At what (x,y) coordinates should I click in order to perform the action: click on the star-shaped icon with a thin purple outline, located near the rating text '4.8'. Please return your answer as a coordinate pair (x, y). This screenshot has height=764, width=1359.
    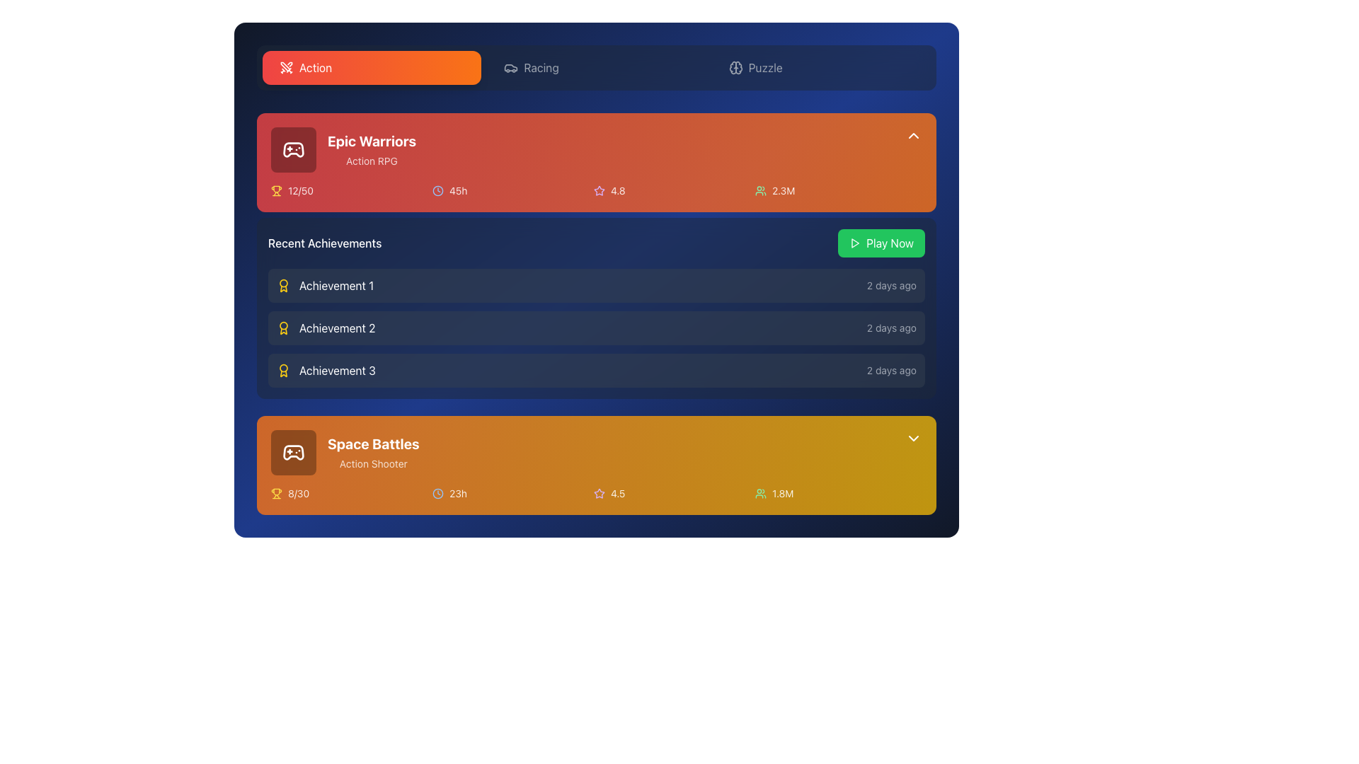
    Looking at the image, I should click on (599, 191).